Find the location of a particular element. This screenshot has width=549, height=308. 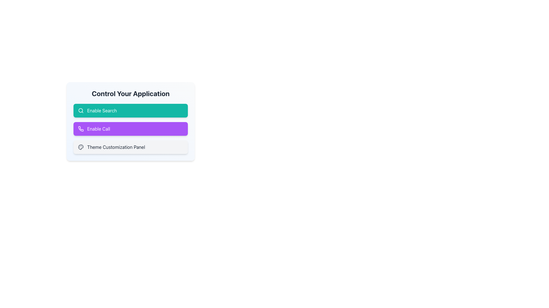

the circular SVG graphic element with a white outline, located at the center of the magnifying glass icon in the top-left area of the 'Enable Search' button is located at coordinates (80, 110).